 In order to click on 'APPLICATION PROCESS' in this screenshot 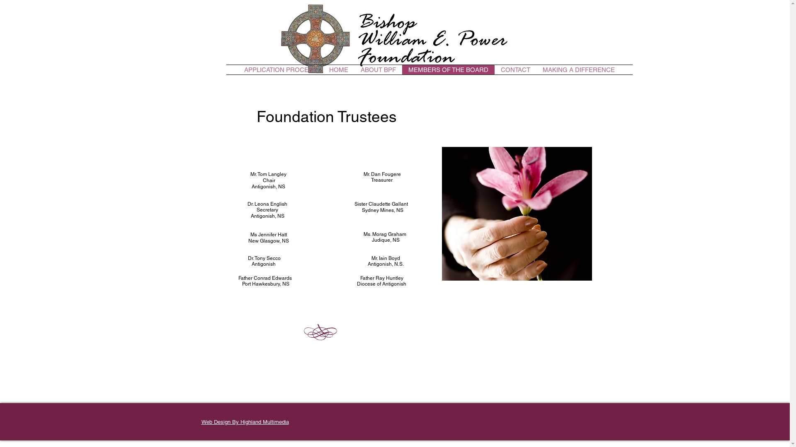, I will do `click(280, 69)`.